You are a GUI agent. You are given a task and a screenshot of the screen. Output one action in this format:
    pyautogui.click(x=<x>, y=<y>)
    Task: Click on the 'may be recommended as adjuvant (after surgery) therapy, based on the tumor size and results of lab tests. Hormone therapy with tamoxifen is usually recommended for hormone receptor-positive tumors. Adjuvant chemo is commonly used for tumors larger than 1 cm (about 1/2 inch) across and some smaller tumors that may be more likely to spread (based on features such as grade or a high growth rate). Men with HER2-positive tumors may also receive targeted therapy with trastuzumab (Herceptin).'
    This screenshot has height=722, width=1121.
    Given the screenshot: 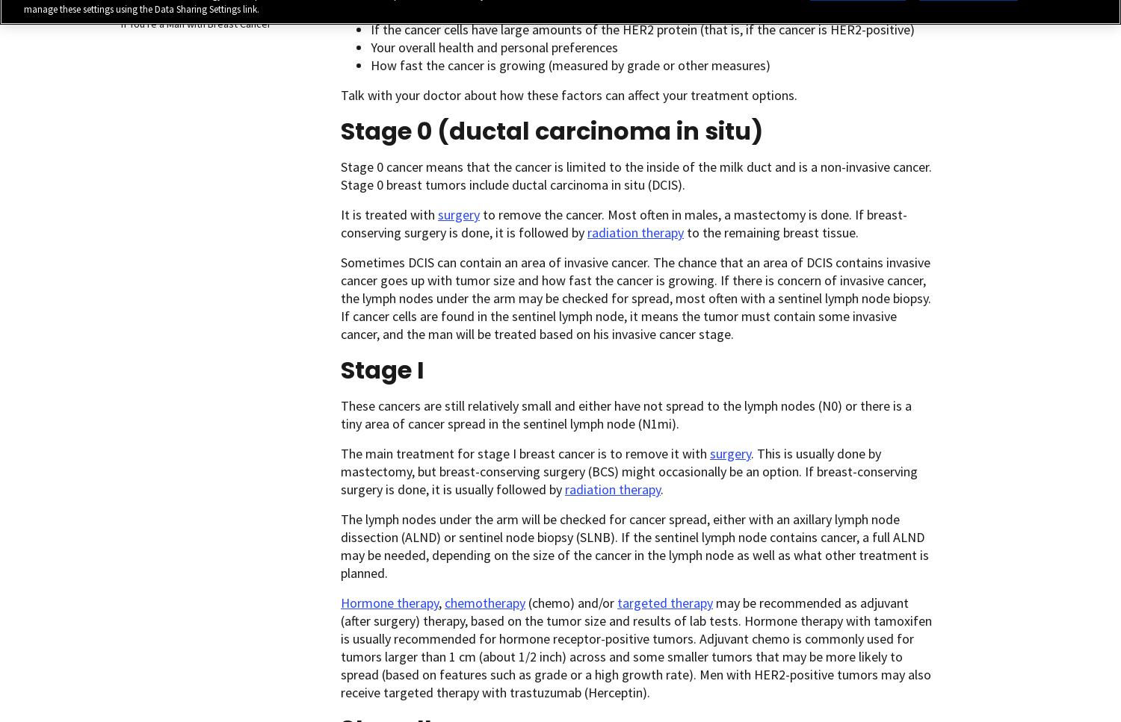 What is the action you would take?
    pyautogui.click(x=635, y=647)
    